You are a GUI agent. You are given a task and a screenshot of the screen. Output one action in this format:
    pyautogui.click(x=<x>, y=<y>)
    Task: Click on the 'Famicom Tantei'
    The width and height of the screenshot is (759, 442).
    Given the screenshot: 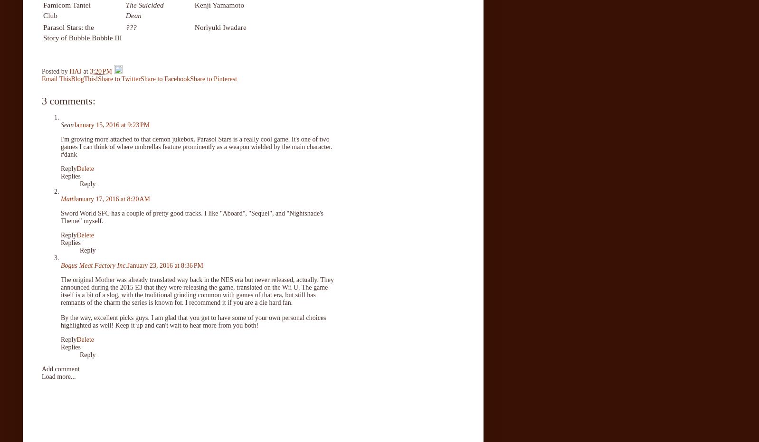 What is the action you would take?
    pyautogui.click(x=66, y=4)
    